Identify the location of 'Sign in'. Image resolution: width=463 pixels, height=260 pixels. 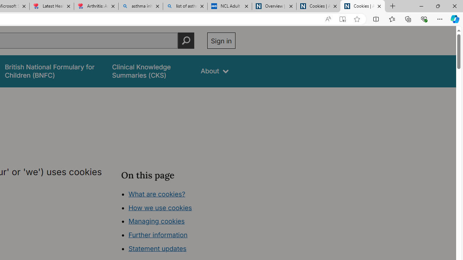
(221, 40).